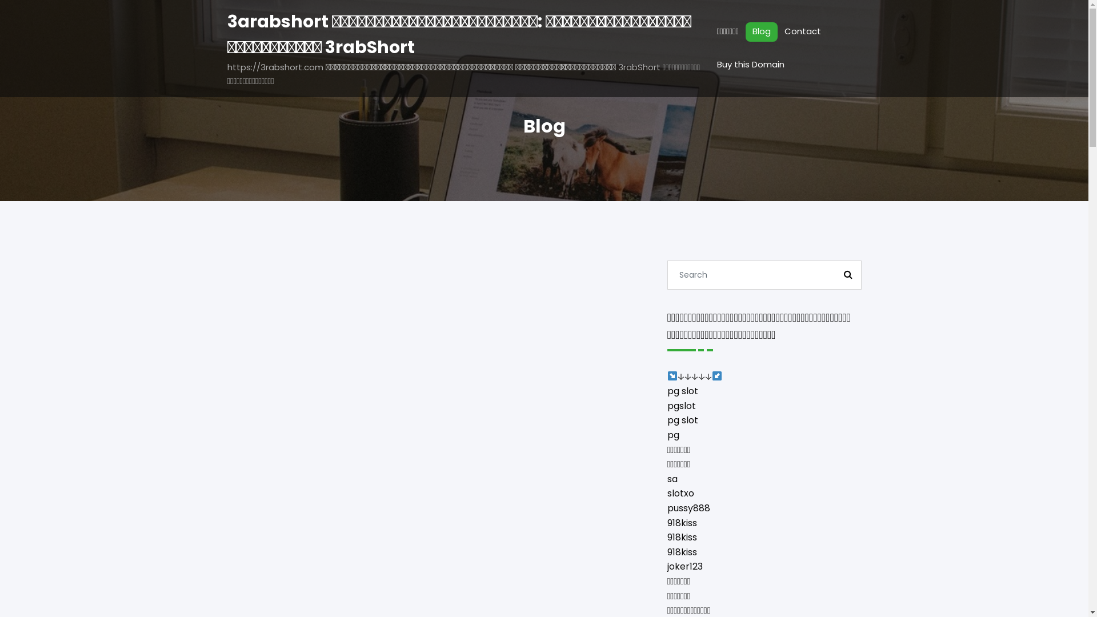 Image resolution: width=1097 pixels, height=617 pixels. Describe the element at coordinates (683, 420) in the screenshot. I see `'pg slot'` at that location.